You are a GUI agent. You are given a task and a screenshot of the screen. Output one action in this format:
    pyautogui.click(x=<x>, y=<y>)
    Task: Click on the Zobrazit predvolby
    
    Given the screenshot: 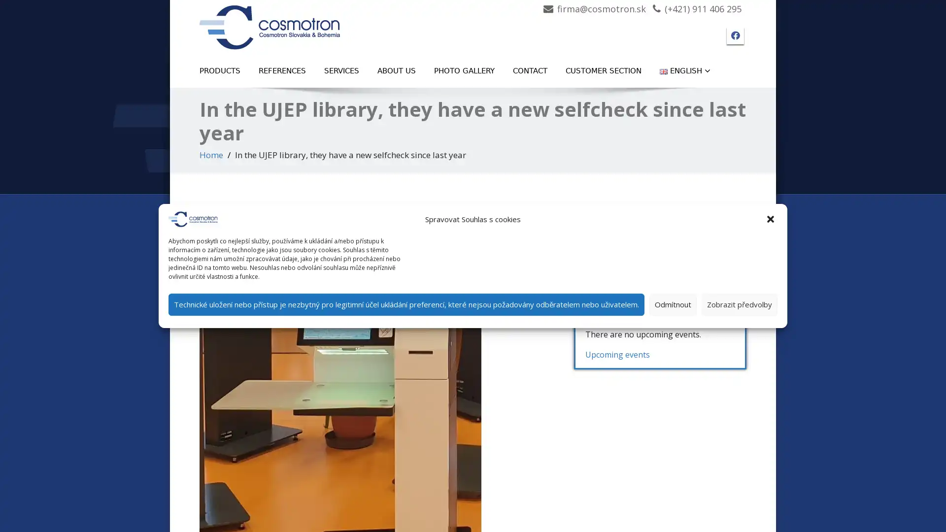 What is the action you would take?
    pyautogui.click(x=740, y=303)
    